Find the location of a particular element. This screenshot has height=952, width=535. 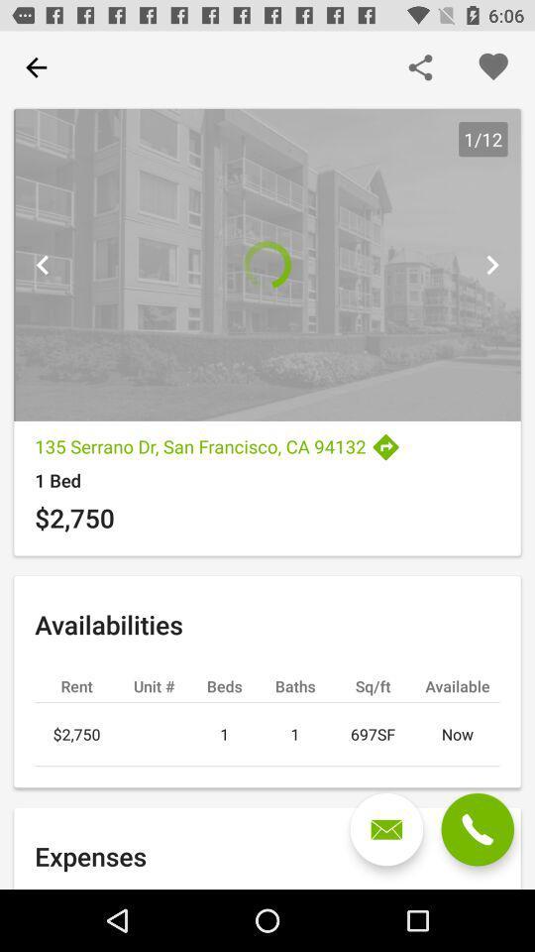

call is located at coordinates (477, 829).